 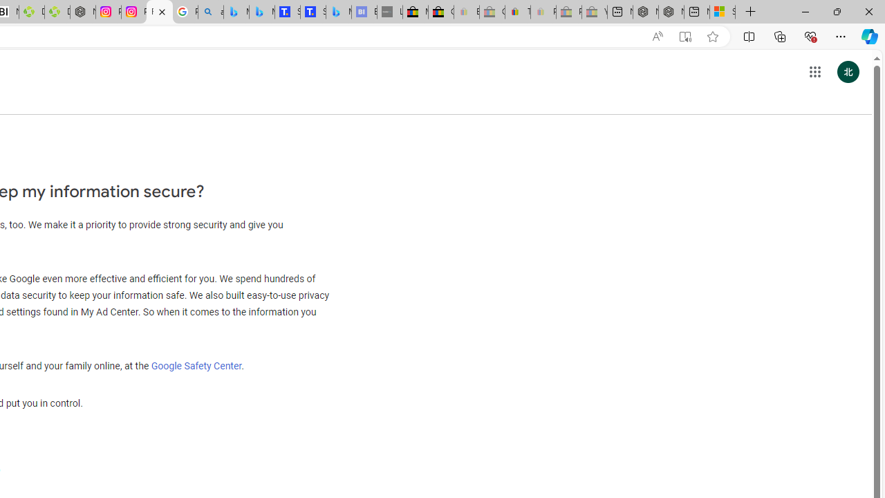 I want to click on 'Descarga Driver Updater', so click(x=57, y=12).